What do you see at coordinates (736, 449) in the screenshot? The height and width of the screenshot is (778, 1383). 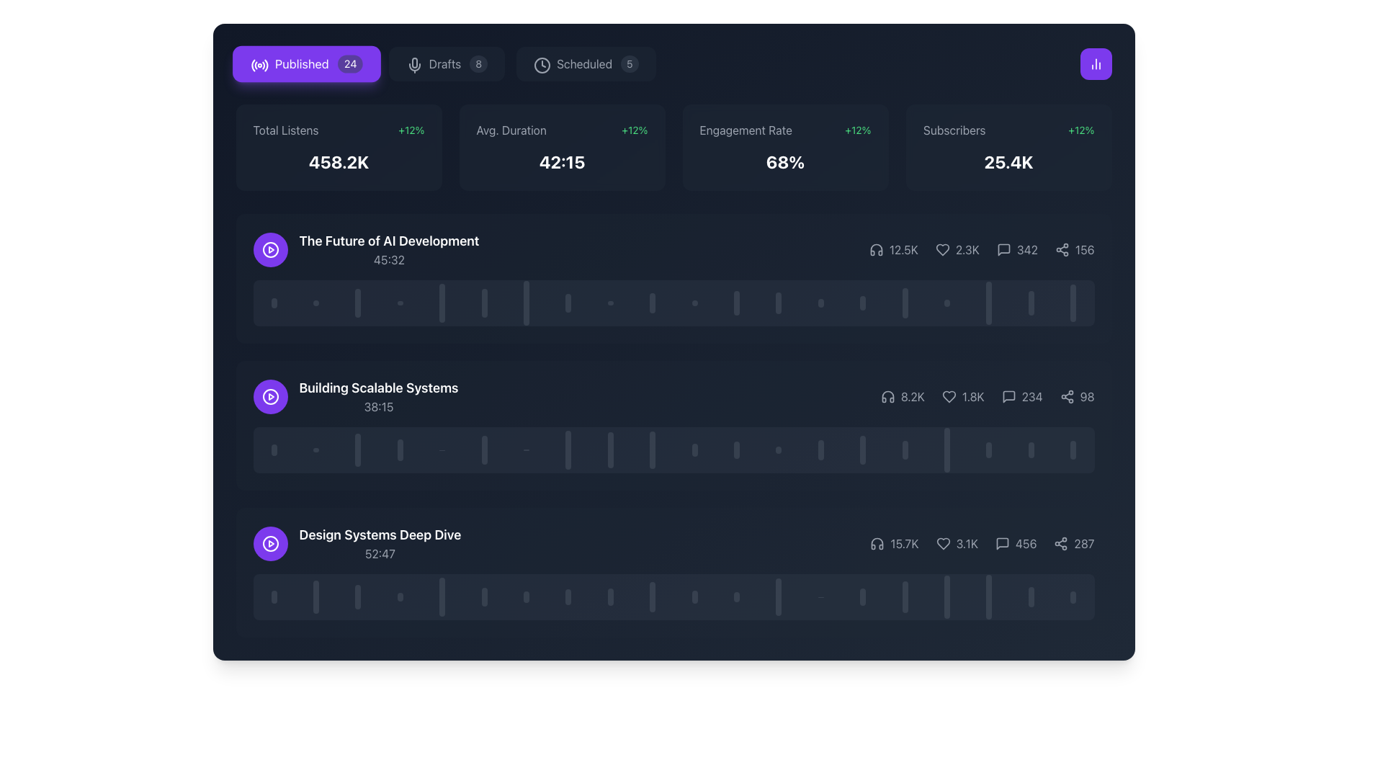 I see `the twelfth vertical progress indicator in the sequence of similar elements, which visually represents a proportional metric or value` at bounding box center [736, 449].